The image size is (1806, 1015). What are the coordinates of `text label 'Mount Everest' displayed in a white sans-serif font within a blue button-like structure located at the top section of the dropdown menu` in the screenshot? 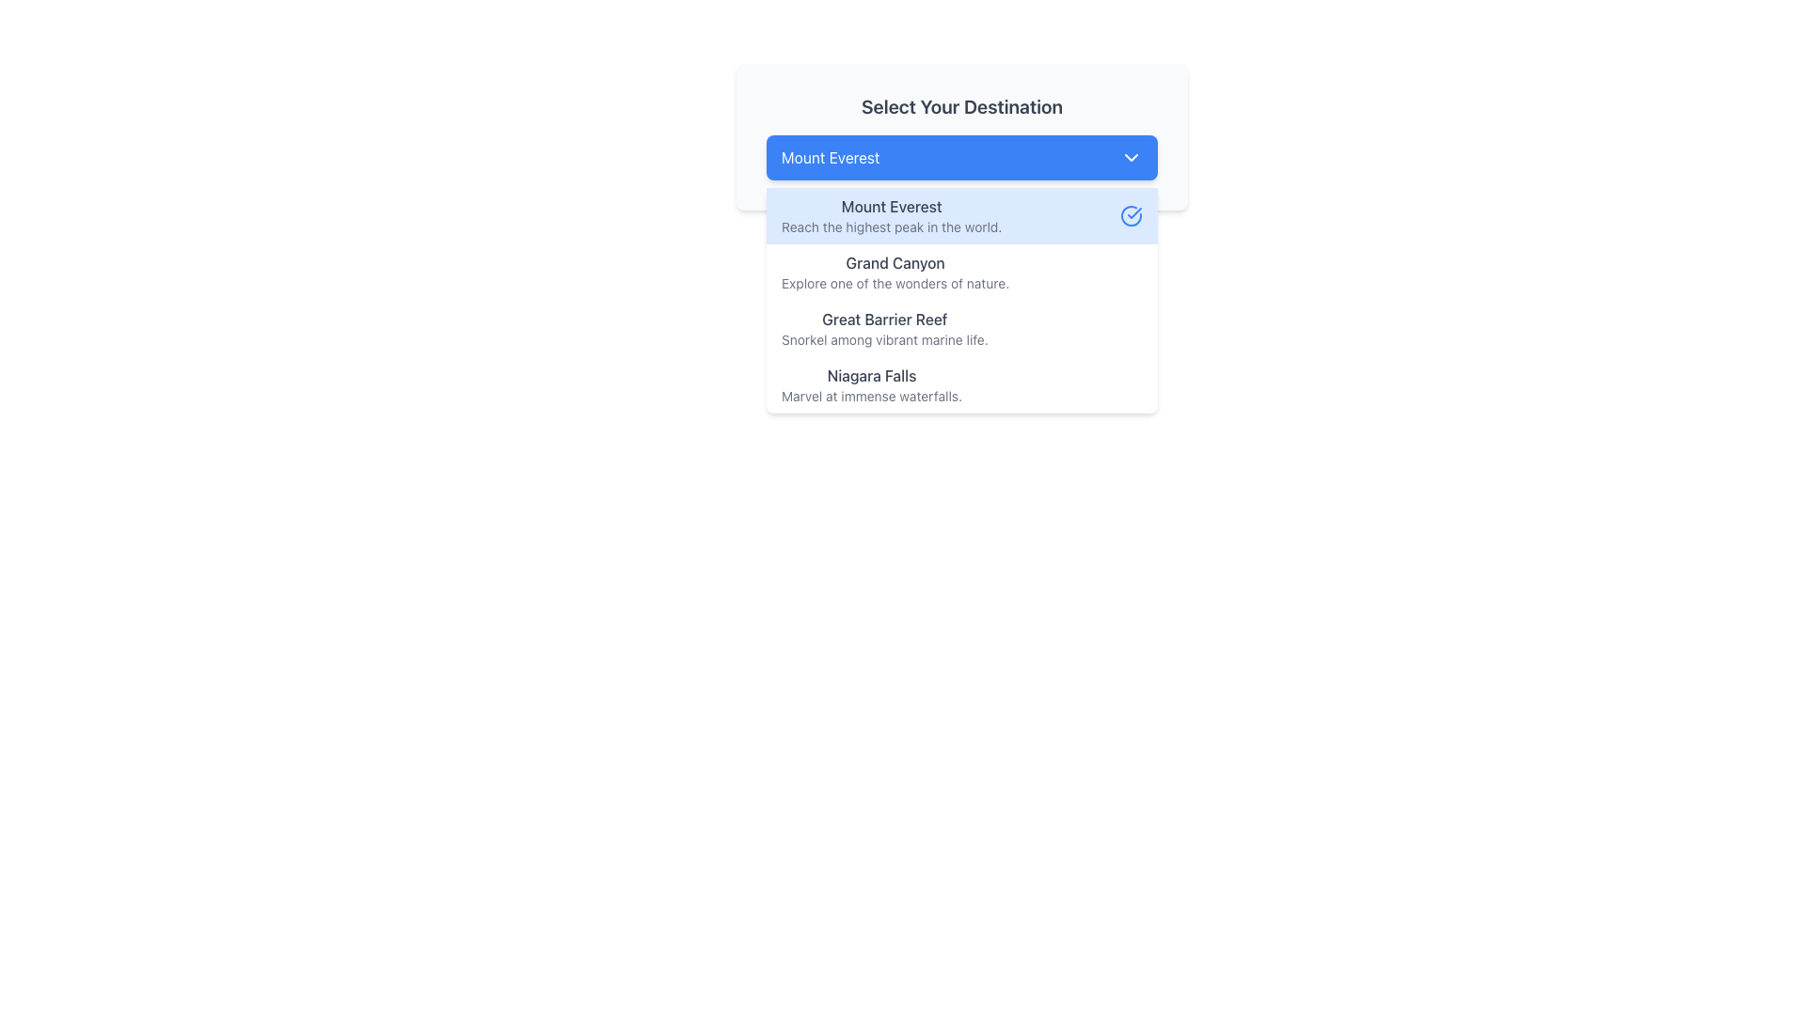 It's located at (830, 157).